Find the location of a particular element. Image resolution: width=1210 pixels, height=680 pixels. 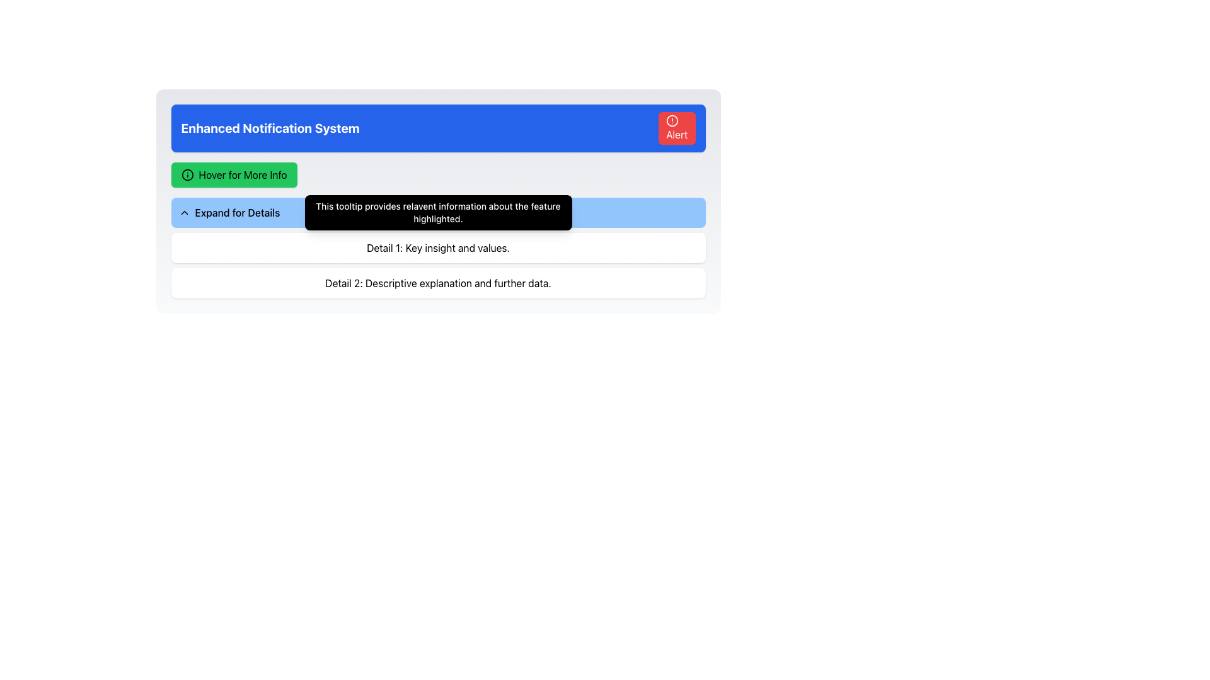

the green button labeled 'Hover for More Info' that contains a circular information icon, located below the 'Enhanced Notification System' banner is located at coordinates (234, 174).